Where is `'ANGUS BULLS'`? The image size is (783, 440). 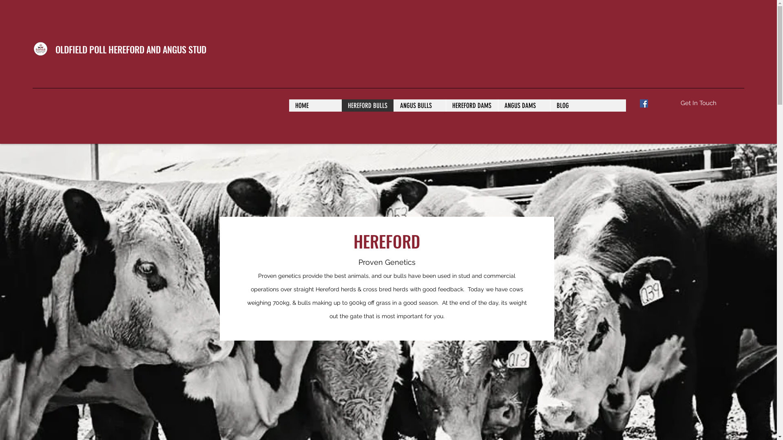 'ANGUS BULLS' is located at coordinates (393, 105).